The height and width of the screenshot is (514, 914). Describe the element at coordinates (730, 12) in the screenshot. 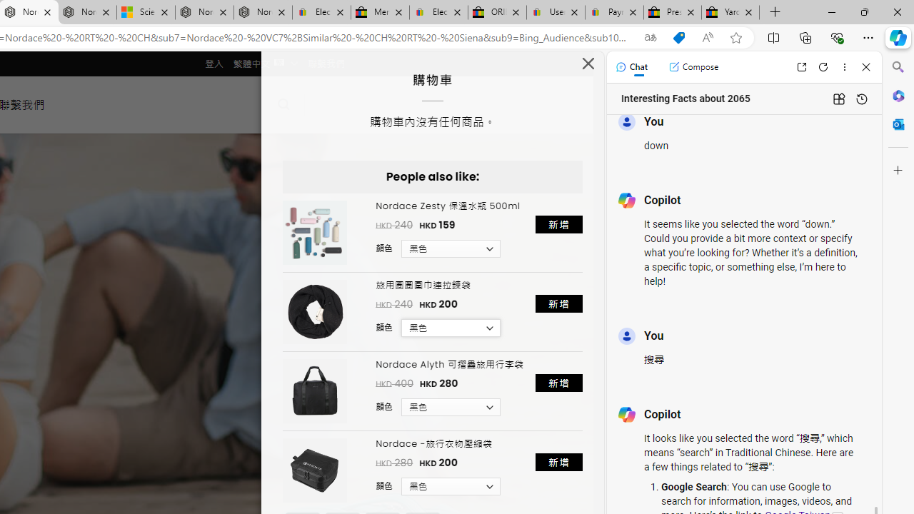

I see `'Yard, Garden & Outdoor Living'` at that location.